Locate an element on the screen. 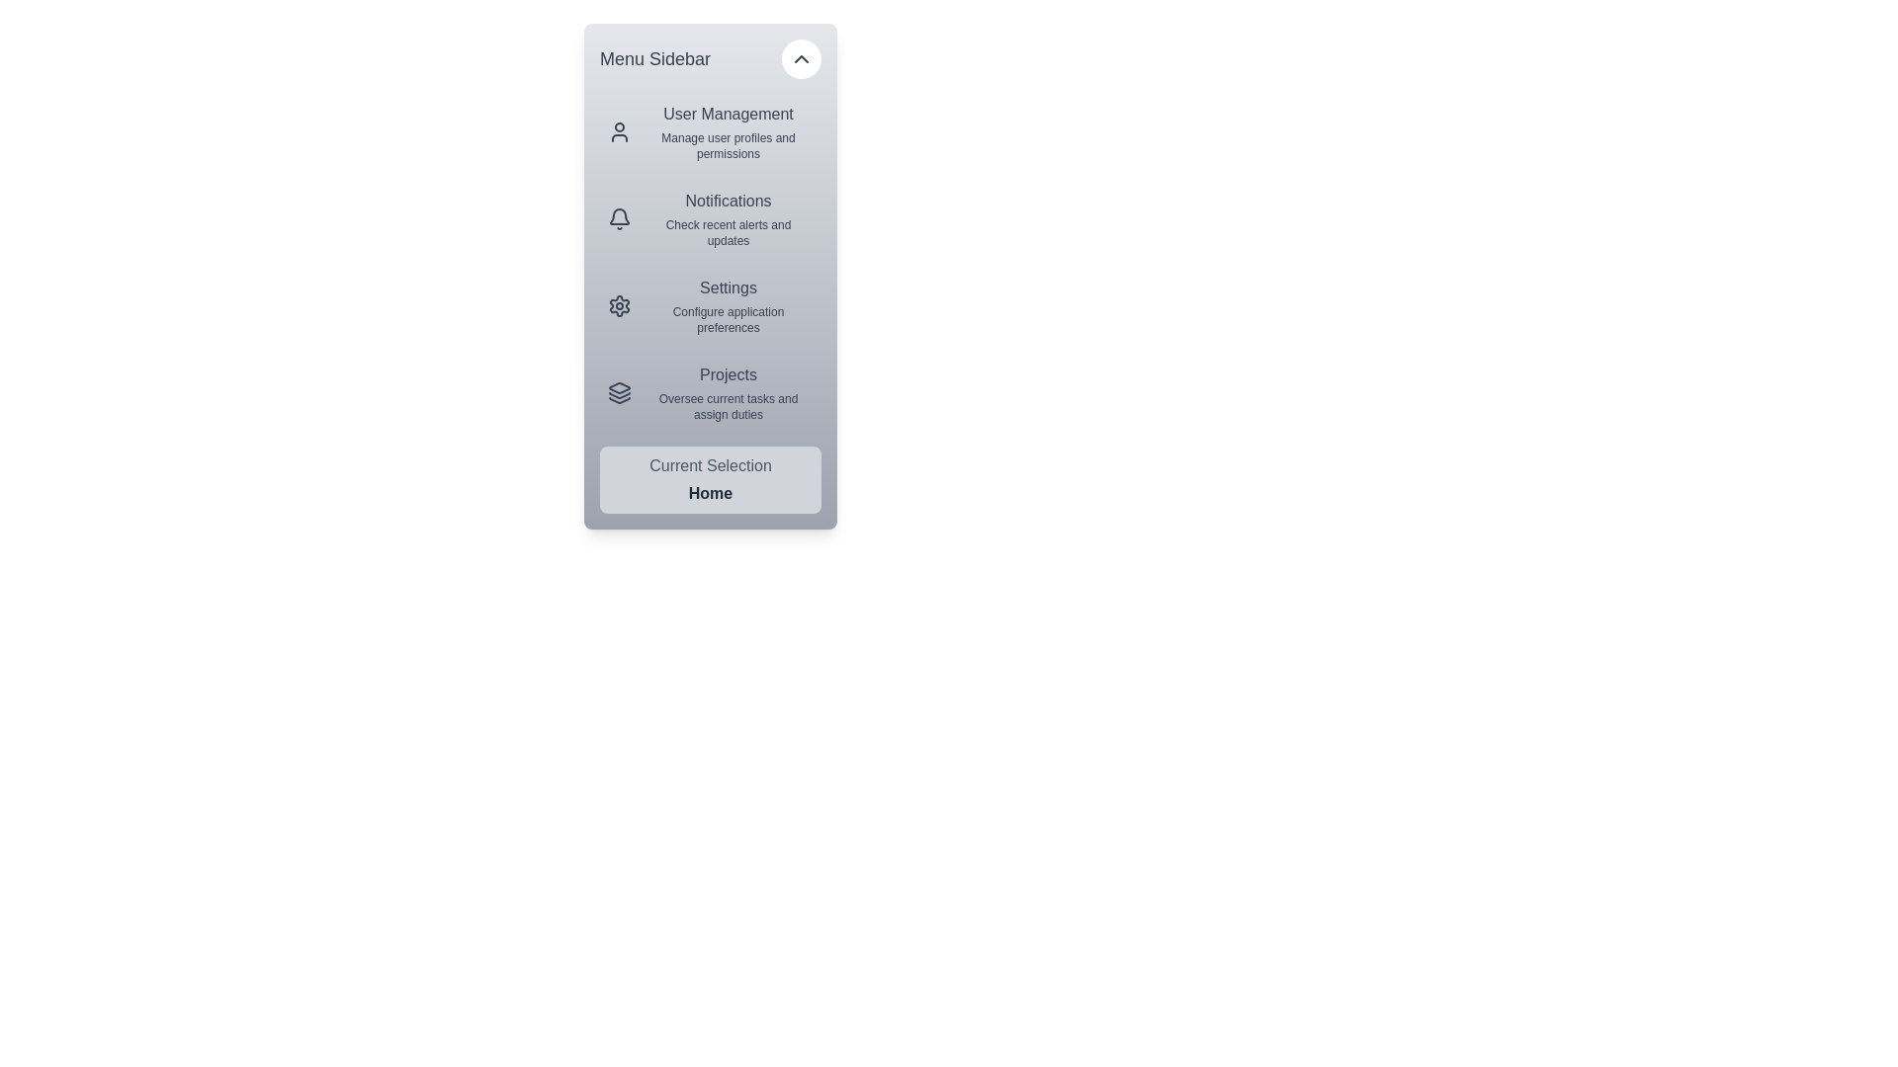 This screenshot has width=1898, height=1067. the 'Projects' menu icon located near the middle of the sidebar, below the 'Settings' section and adjacent to the 'Projects' label is located at coordinates (619, 388).